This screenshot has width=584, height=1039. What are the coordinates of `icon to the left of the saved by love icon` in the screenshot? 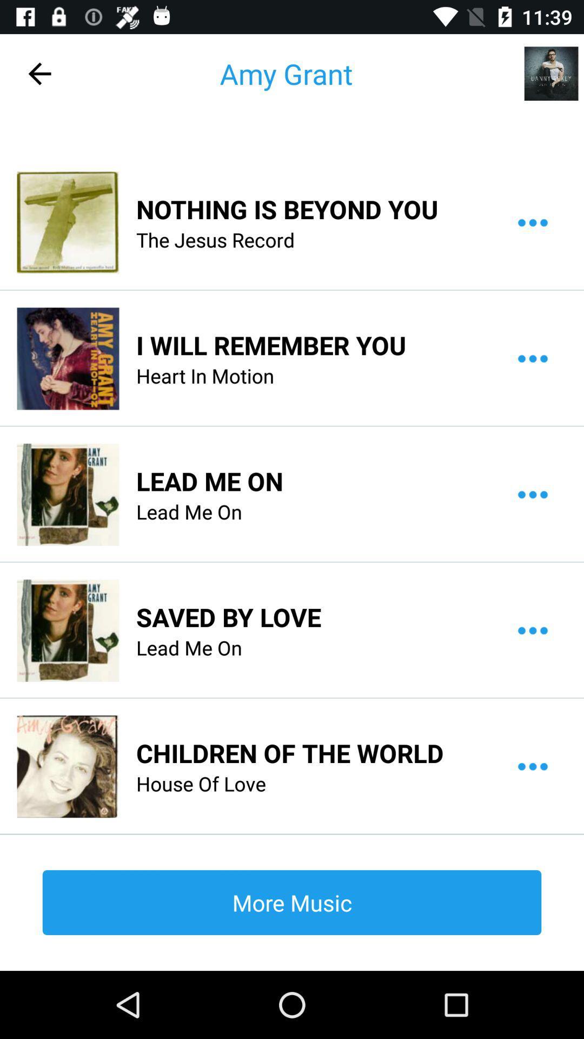 It's located at (68, 630).